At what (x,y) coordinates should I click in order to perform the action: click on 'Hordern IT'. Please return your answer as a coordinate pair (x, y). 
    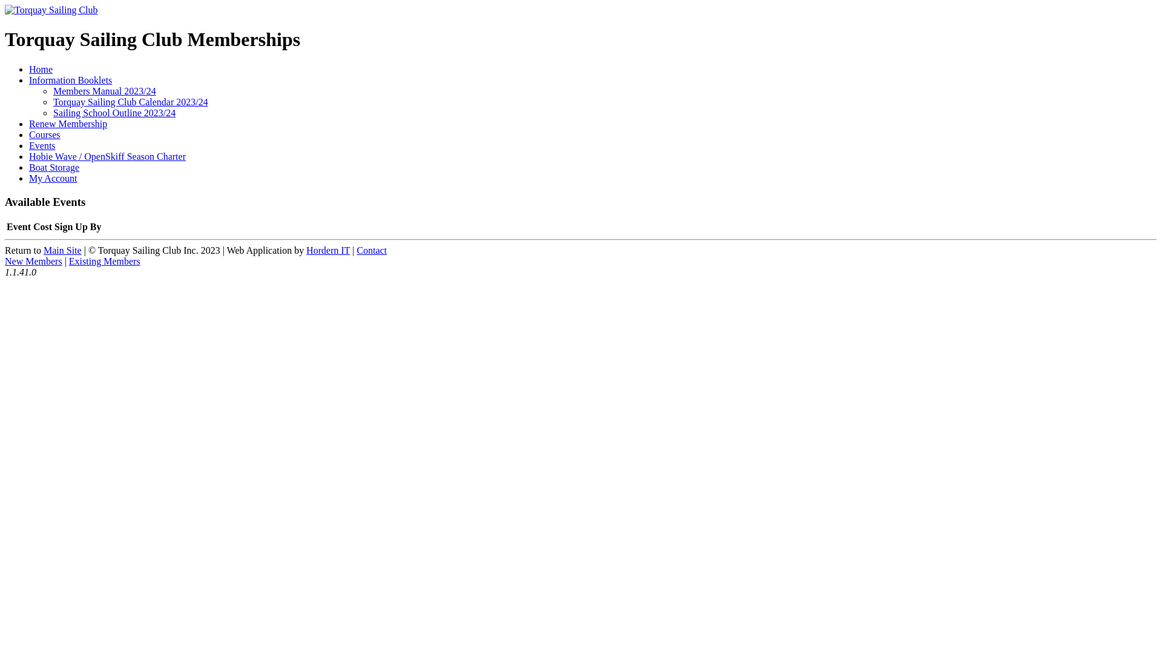
    Looking at the image, I should click on (306, 249).